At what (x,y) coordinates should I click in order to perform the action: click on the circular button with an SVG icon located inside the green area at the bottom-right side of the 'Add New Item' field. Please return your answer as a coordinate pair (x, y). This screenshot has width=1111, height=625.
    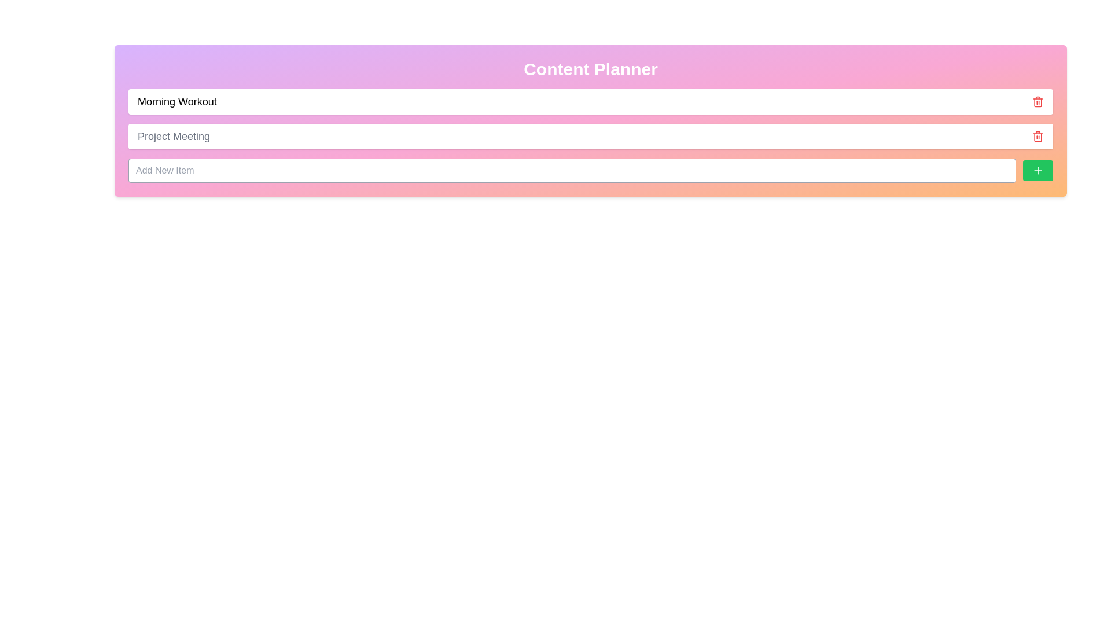
    Looking at the image, I should click on (1038, 170).